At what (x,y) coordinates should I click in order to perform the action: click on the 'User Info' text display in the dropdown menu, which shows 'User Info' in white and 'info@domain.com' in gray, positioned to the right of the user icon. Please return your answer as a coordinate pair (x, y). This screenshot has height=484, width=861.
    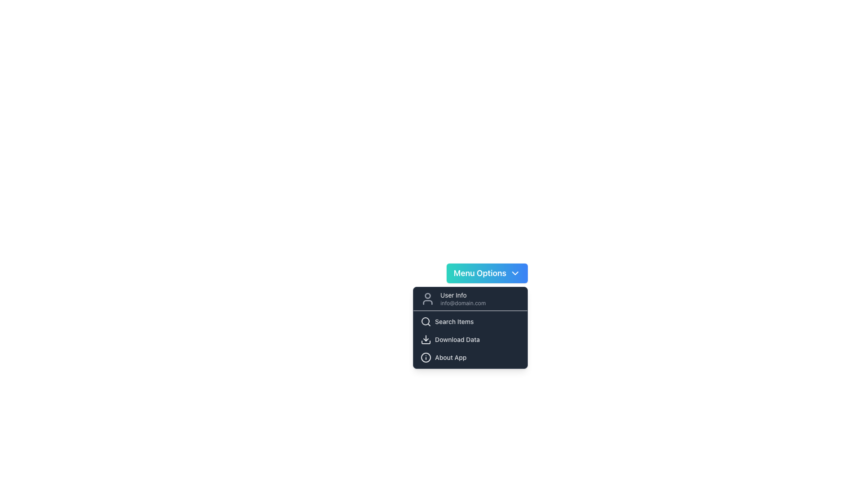
    Looking at the image, I should click on (463, 299).